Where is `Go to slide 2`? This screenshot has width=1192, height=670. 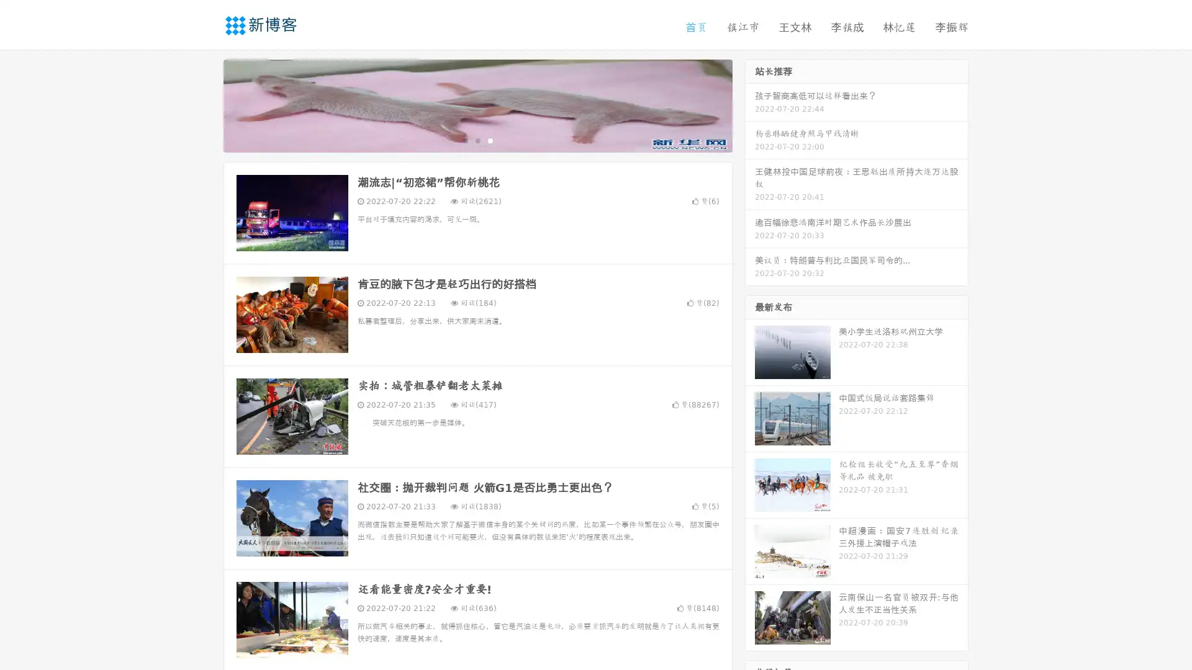
Go to slide 2 is located at coordinates (477, 140).